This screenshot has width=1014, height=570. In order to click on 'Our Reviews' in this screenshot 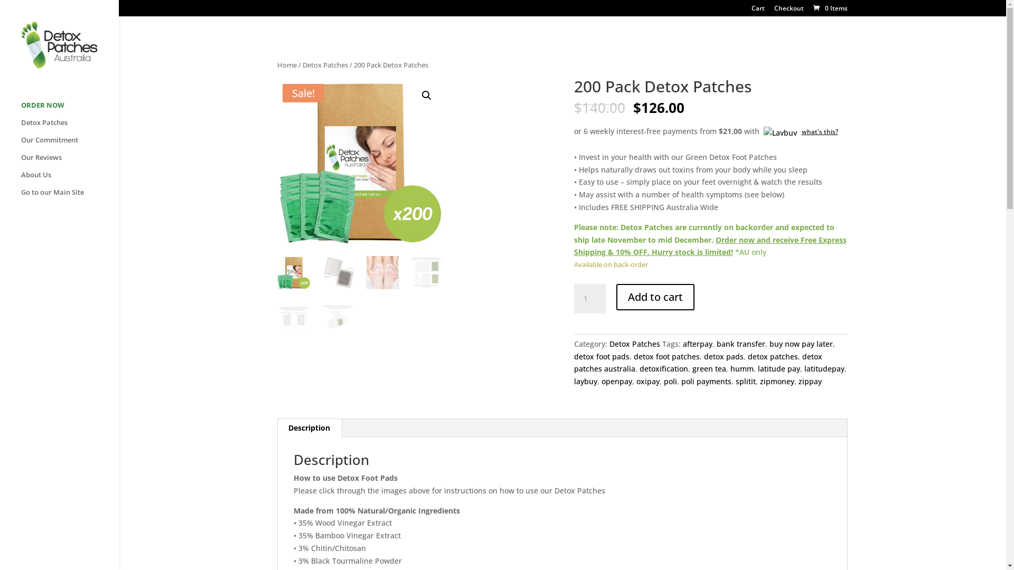, I will do `click(69, 162)`.